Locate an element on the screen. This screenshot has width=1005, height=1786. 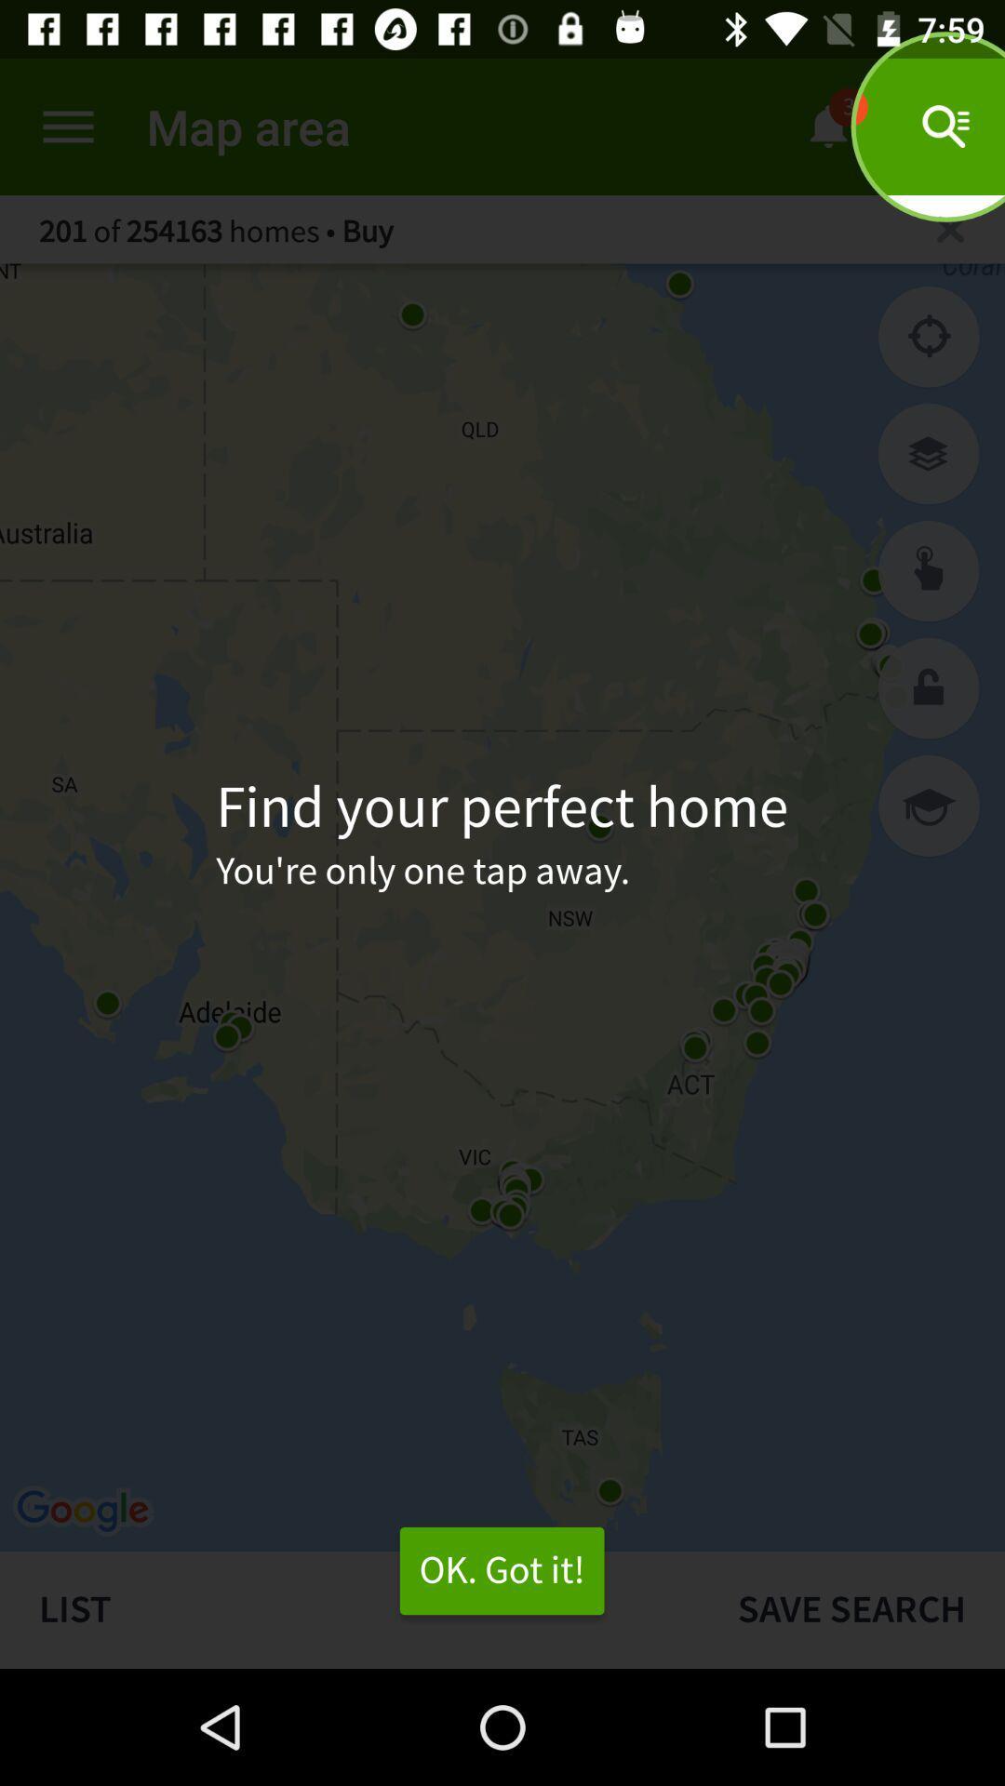
lock the directions is located at coordinates (929, 687).